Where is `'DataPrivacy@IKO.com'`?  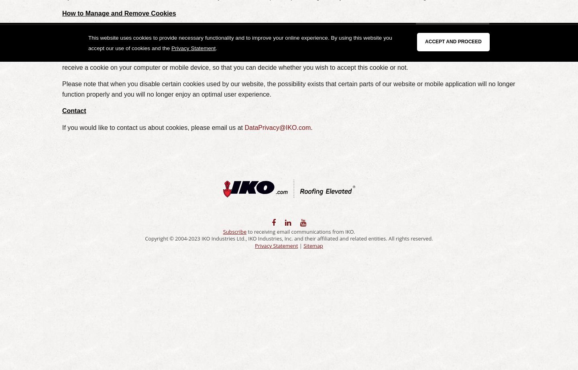
'DataPrivacy@IKO.com' is located at coordinates (277, 127).